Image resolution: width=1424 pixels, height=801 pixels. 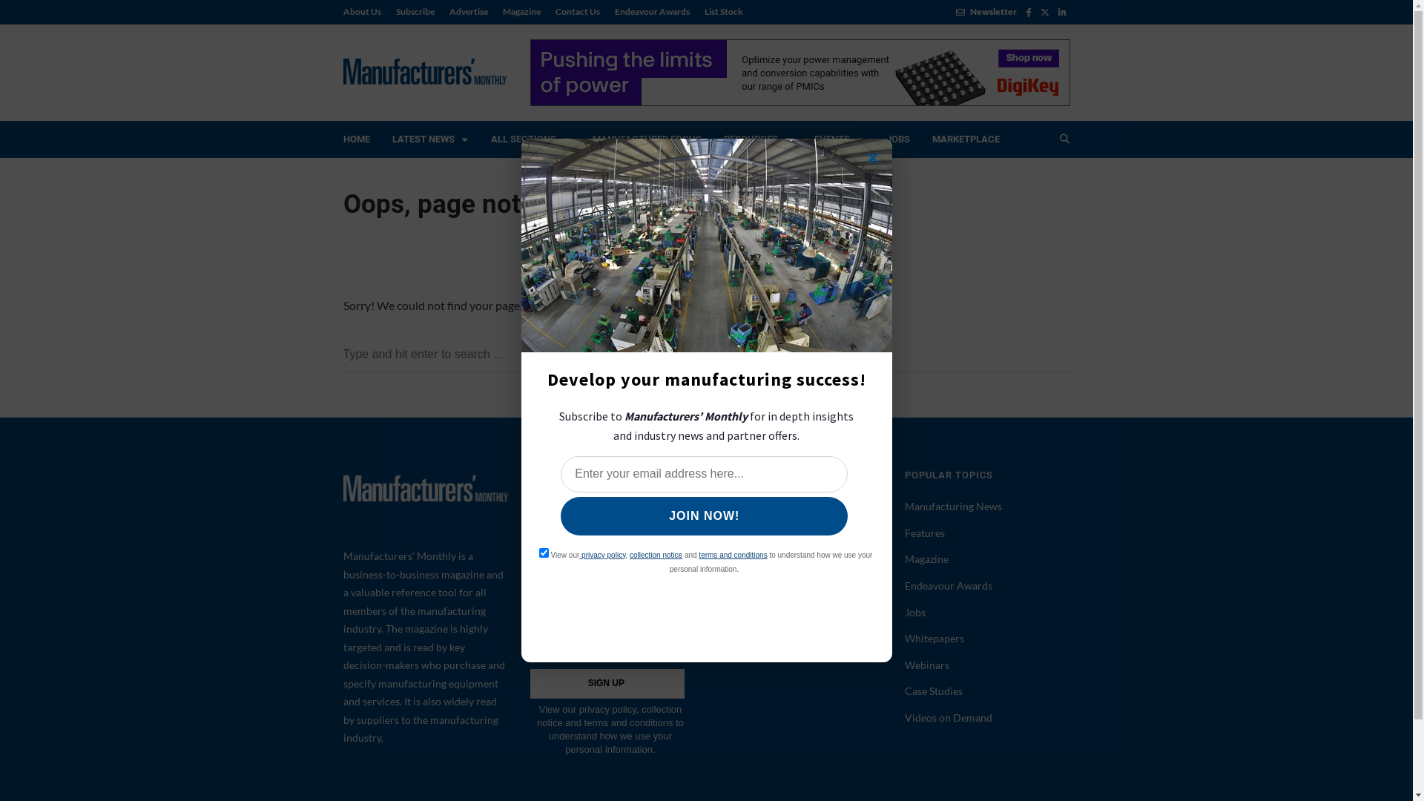 I want to click on 'Close', so click(x=872, y=157).